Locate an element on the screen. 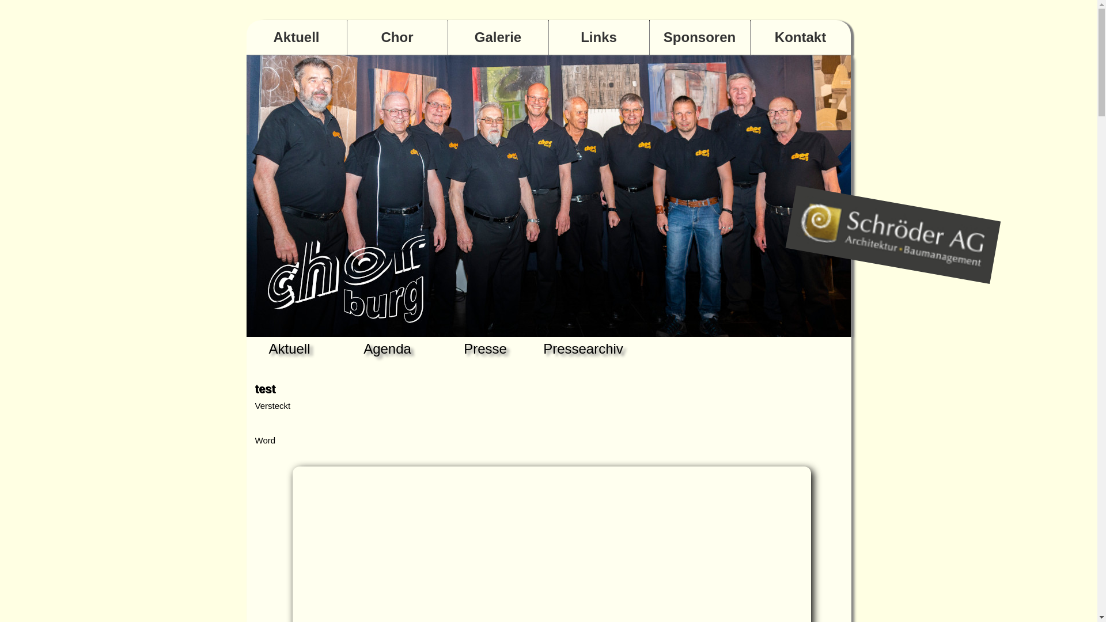 This screenshot has width=1106, height=622. 'Pressearchiv' is located at coordinates (583, 348).